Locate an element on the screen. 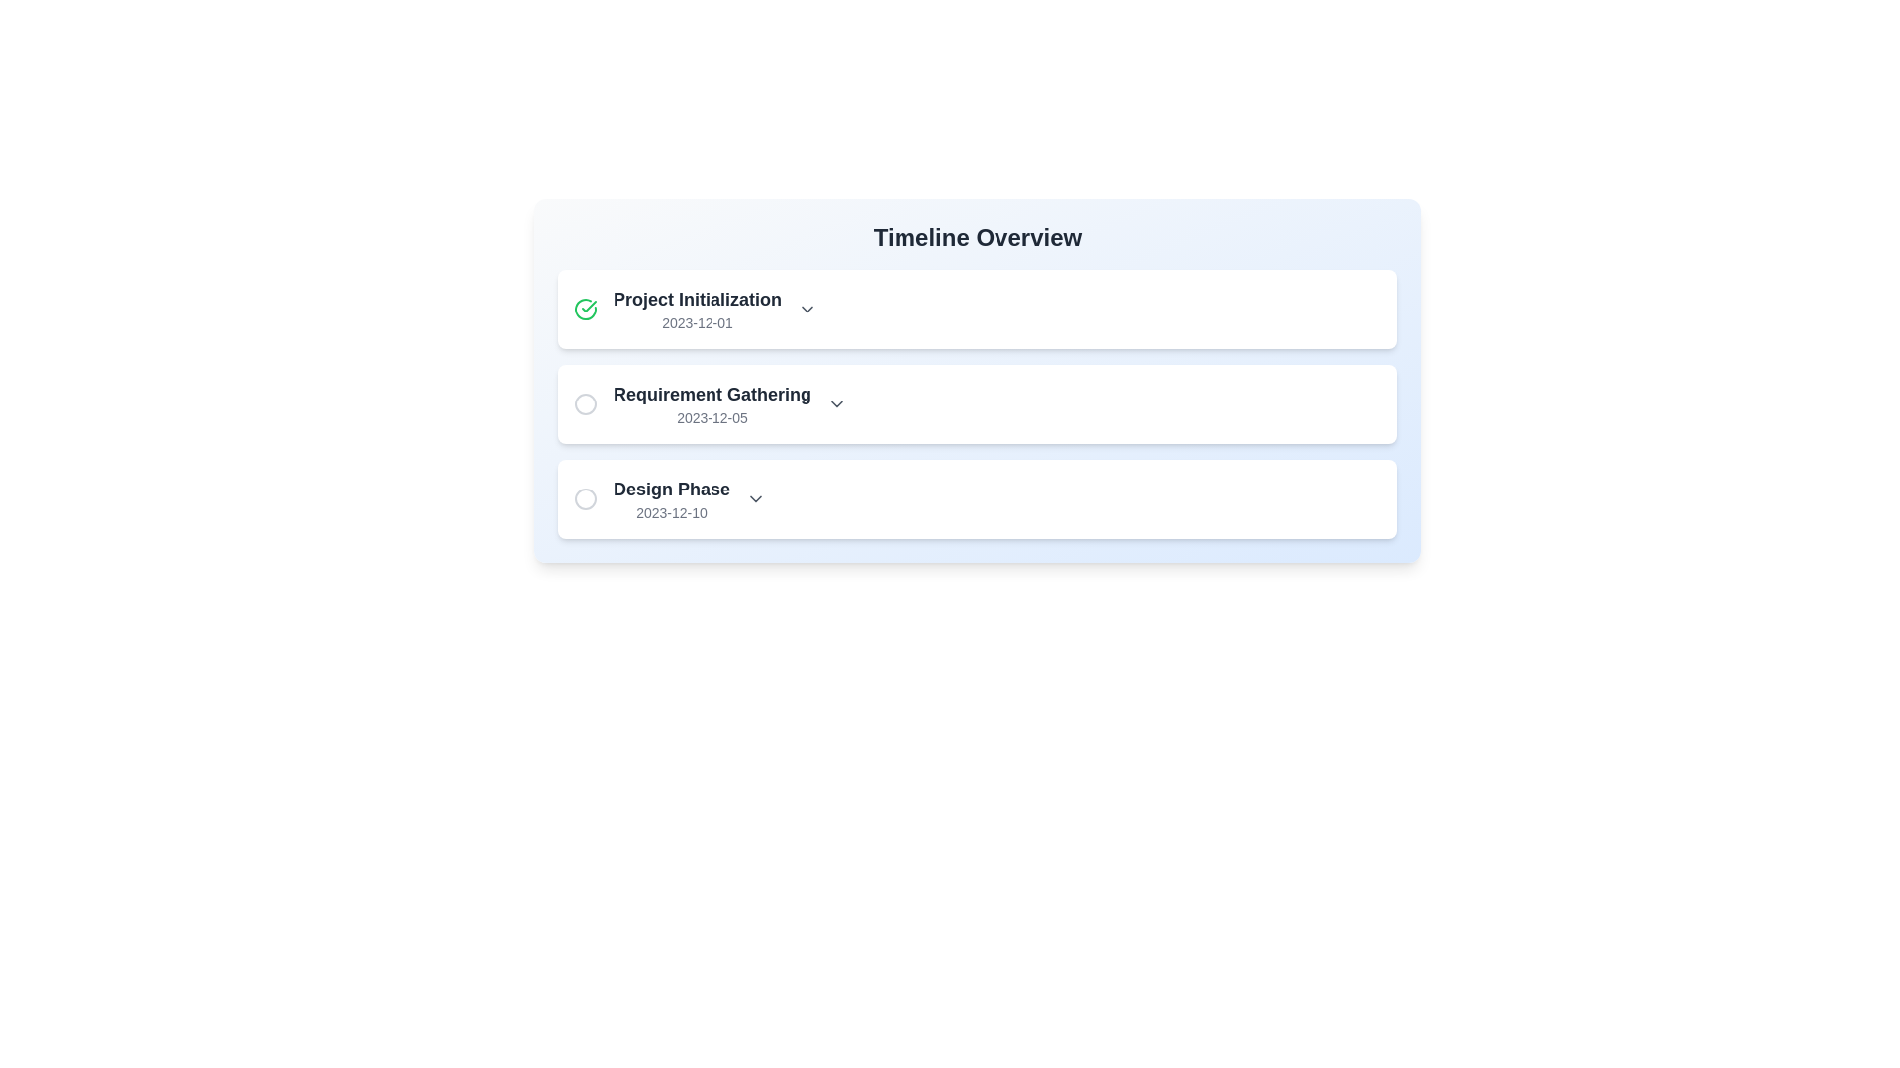 This screenshot has height=1068, width=1900. the List Item labeled 'Requirement Gathering' scheduled for '2023-12-05' to select it for further details or actions is located at coordinates (978, 402).